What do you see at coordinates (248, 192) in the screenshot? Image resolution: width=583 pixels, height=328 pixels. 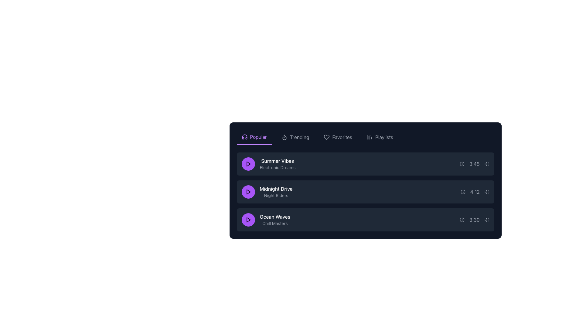 I see `the triangular play button inside a purple circular background next to the text 'Midnight Drive.'` at bounding box center [248, 192].